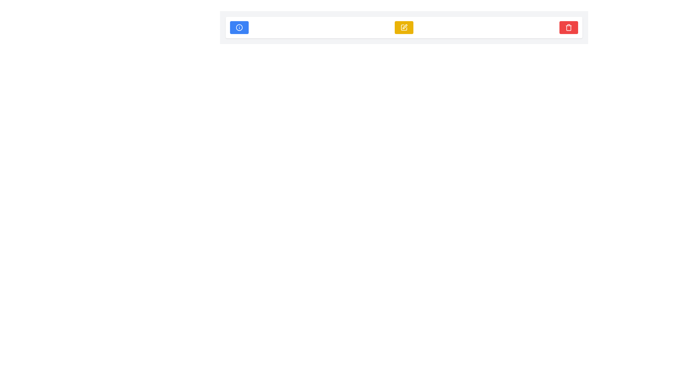 This screenshot has width=689, height=387. Describe the element at coordinates (568, 27) in the screenshot. I see `the delete task button located to the right of the 'Edit Task' button` at that location.